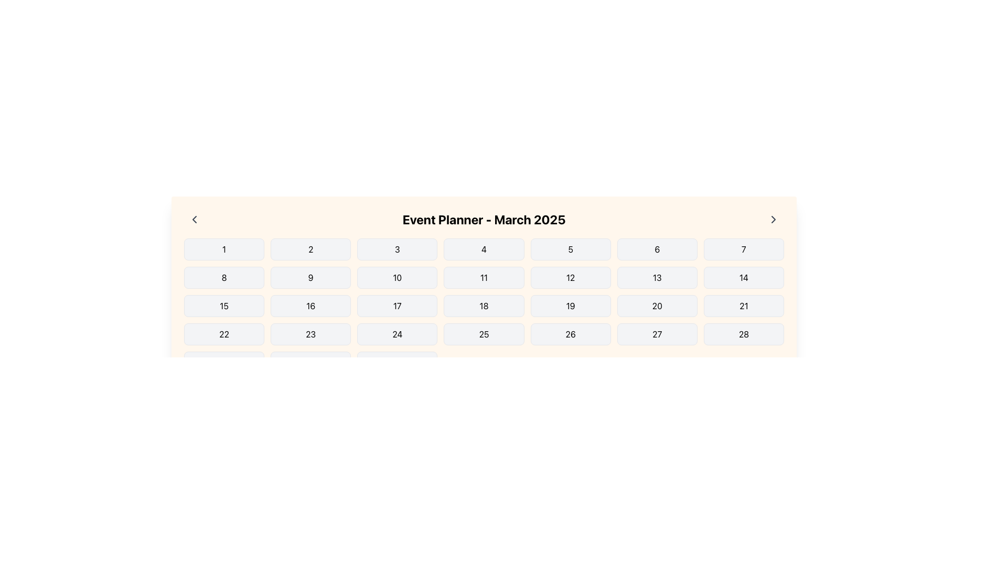  Describe the element at coordinates (657, 306) in the screenshot. I see `the date '20' button in the calendar view` at that location.